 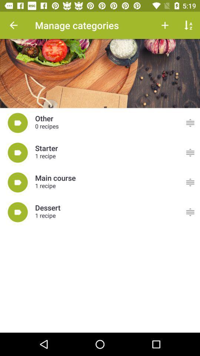 I want to click on the icon at the center of the page shown before others, so click(x=18, y=123).